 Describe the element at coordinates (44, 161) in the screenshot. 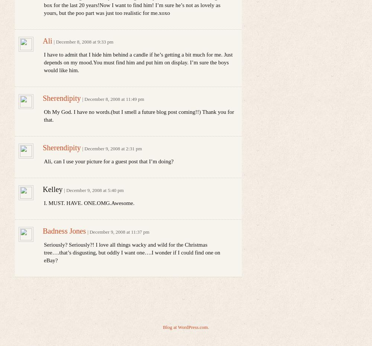

I see `'Ali, can I use your picture for a guest post that I’m doing?'` at that location.